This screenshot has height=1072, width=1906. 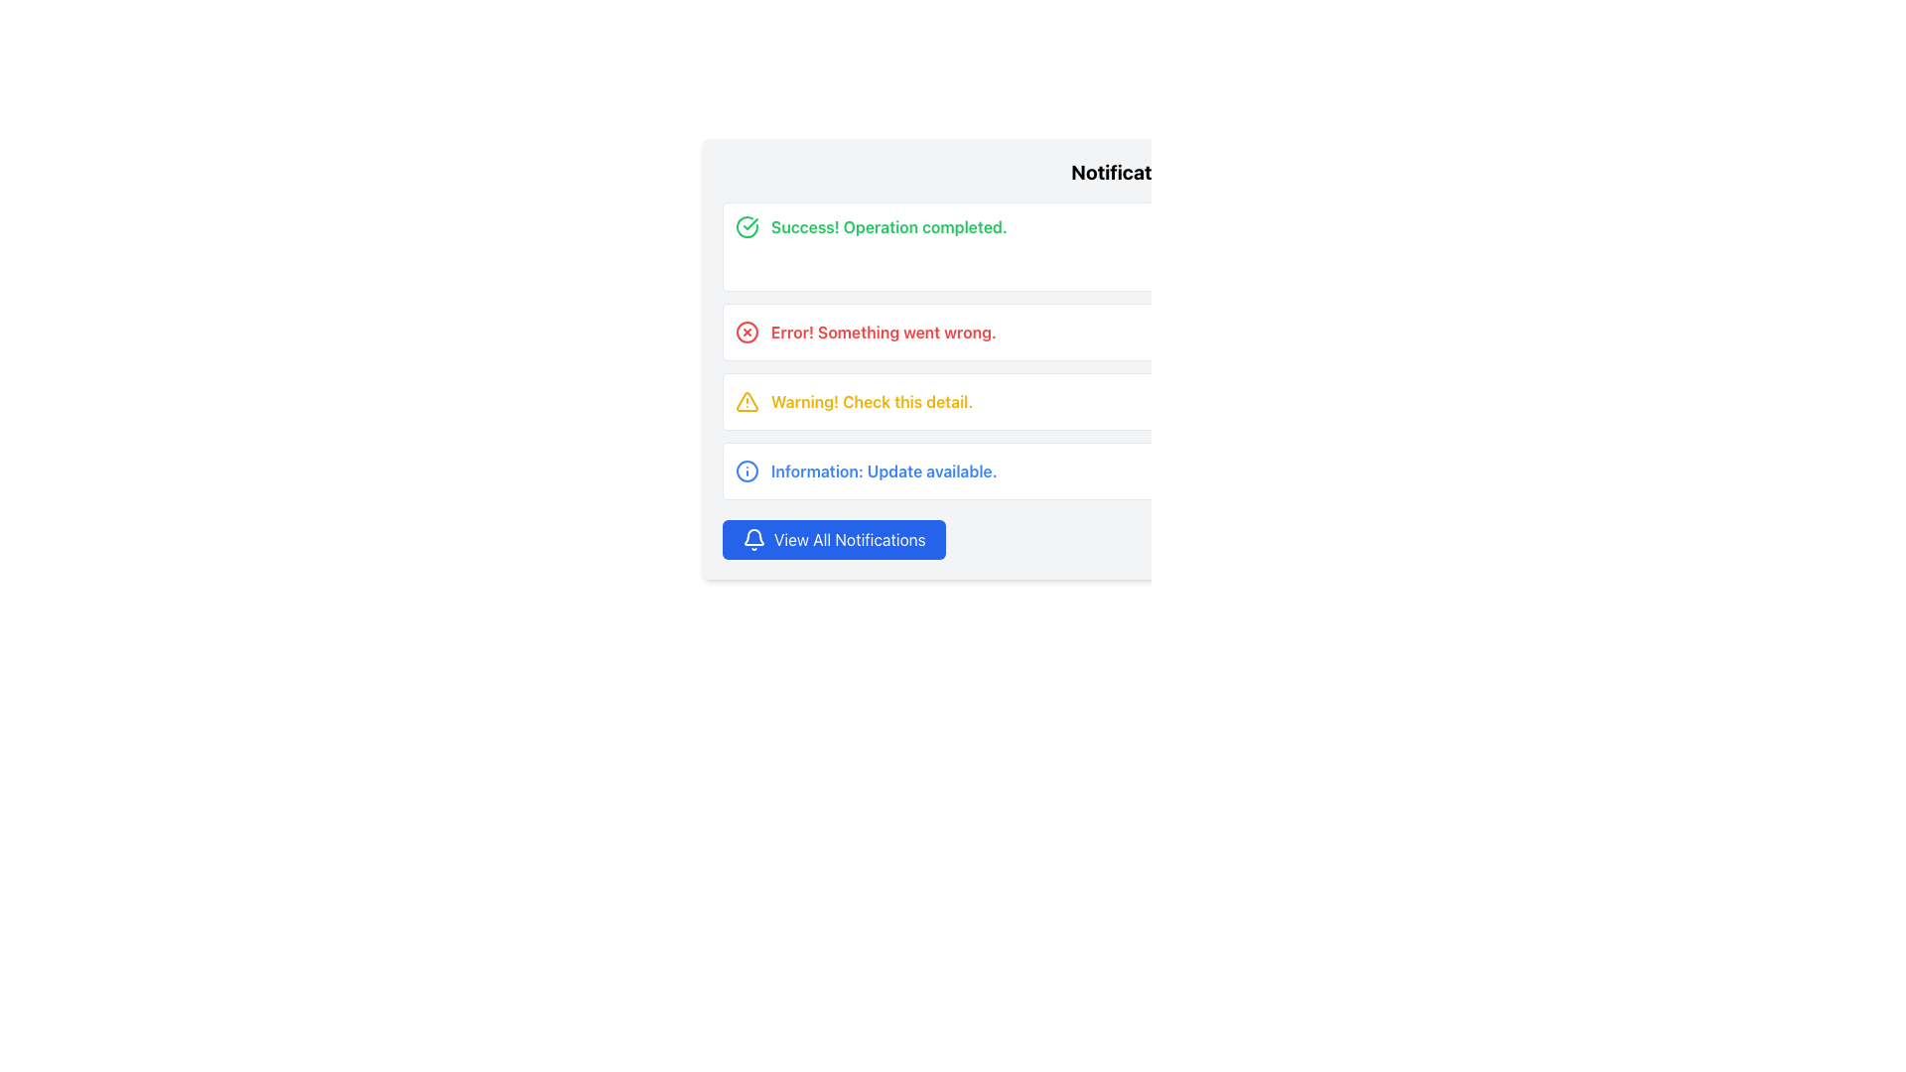 What do you see at coordinates (887, 225) in the screenshot?
I see `the green-colored text that reads 'Success! Operation completed.' in the topmost notification panel, located to the right of a green checkmark icon` at bounding box center [887, 225].